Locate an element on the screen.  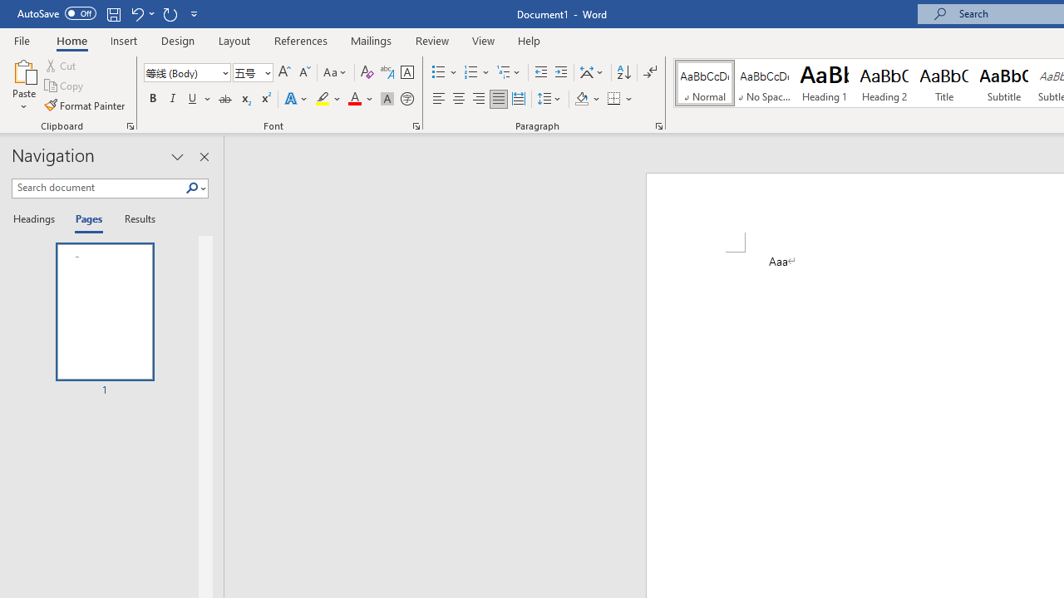
'Subtitle' is located at coordinates (1003, 83).